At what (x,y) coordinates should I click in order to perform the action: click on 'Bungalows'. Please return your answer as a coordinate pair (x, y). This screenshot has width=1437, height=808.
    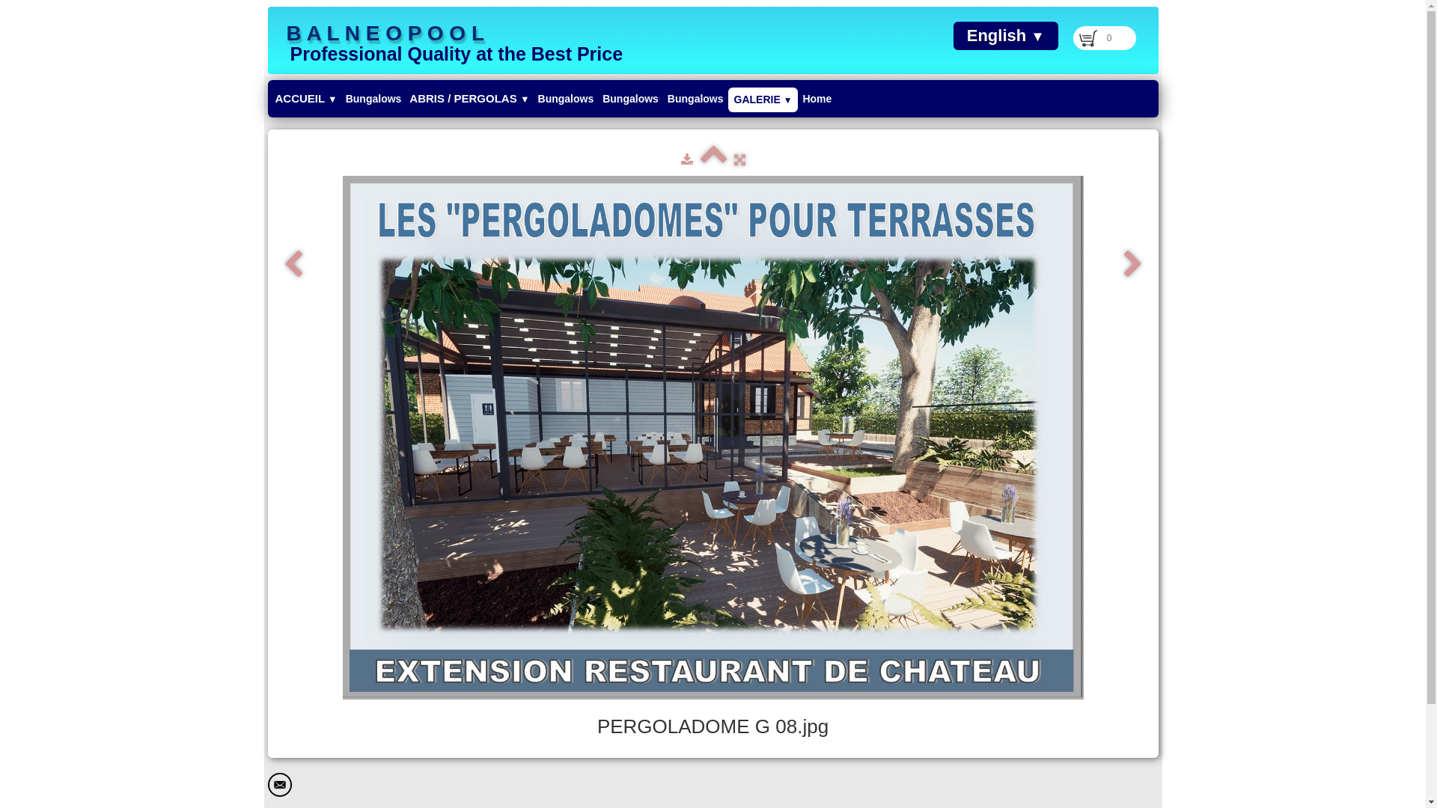
    Looking at the image, I should click on (695, 98).